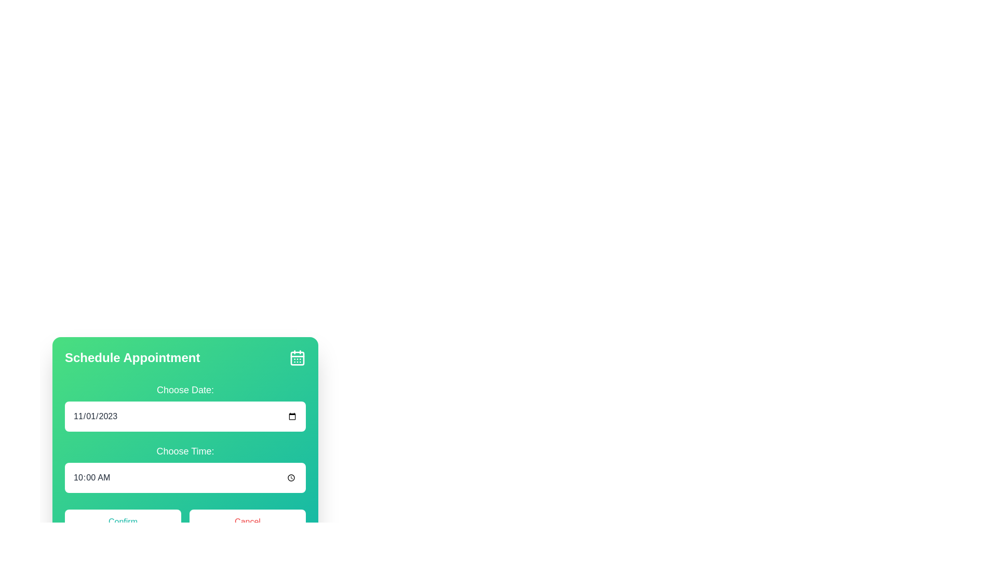 The image size is (997, 561). What do you see at coordinates (247, 522) in the screenshot?
I see `the 'Cancel' button, which is the second button in a horizontal layout at the bottom of the 'Schedule Appointment' form, featuring medium-sized red text on a white background` at bounding box center [247, 522].